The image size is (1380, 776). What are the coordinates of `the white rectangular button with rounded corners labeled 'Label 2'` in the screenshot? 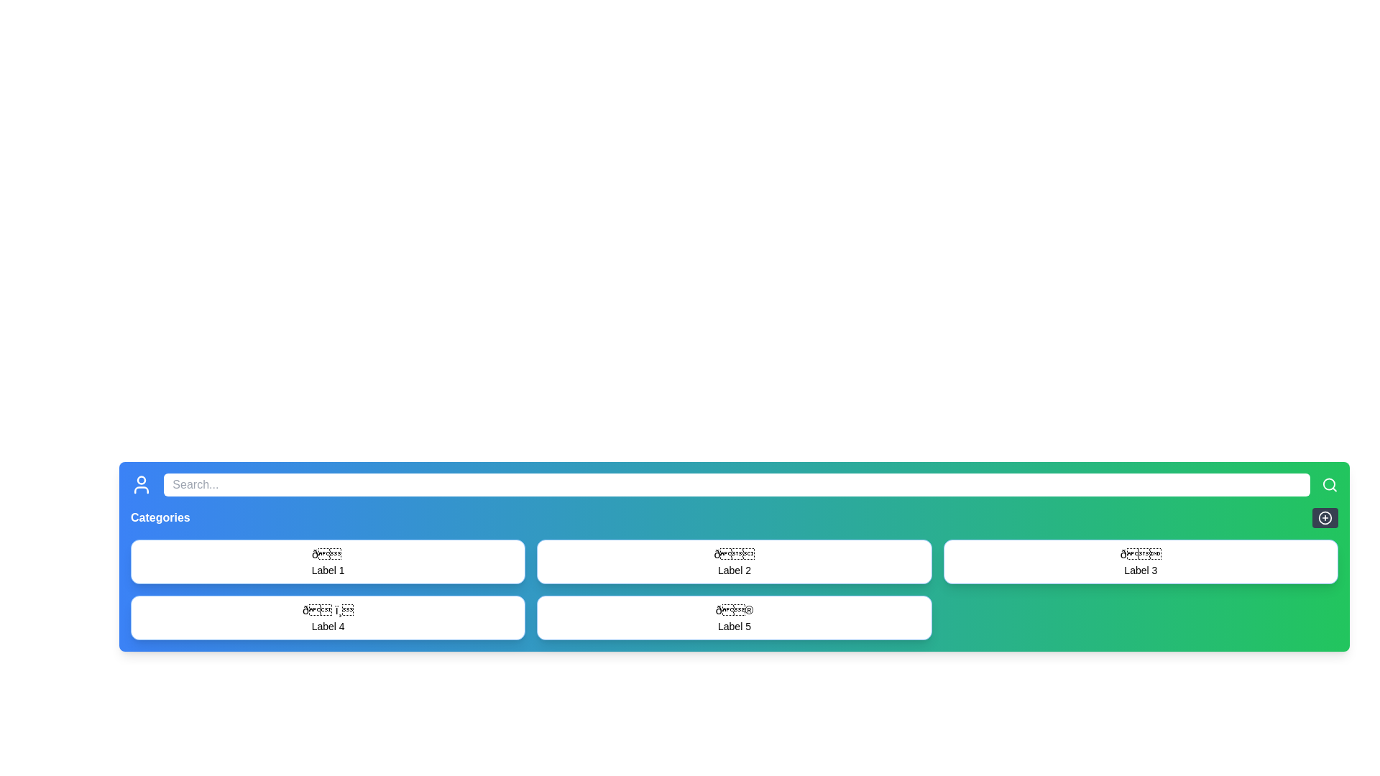 It's located at (735, 561).